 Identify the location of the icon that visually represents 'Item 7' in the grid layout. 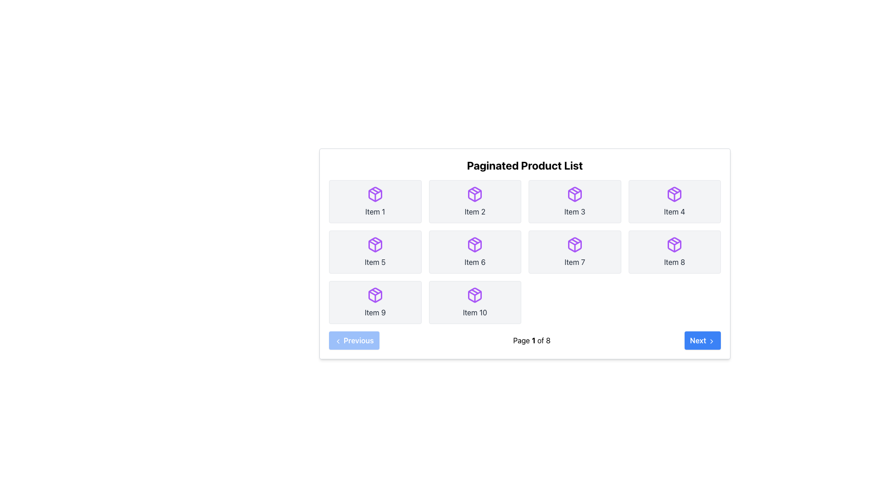
(574, 244).